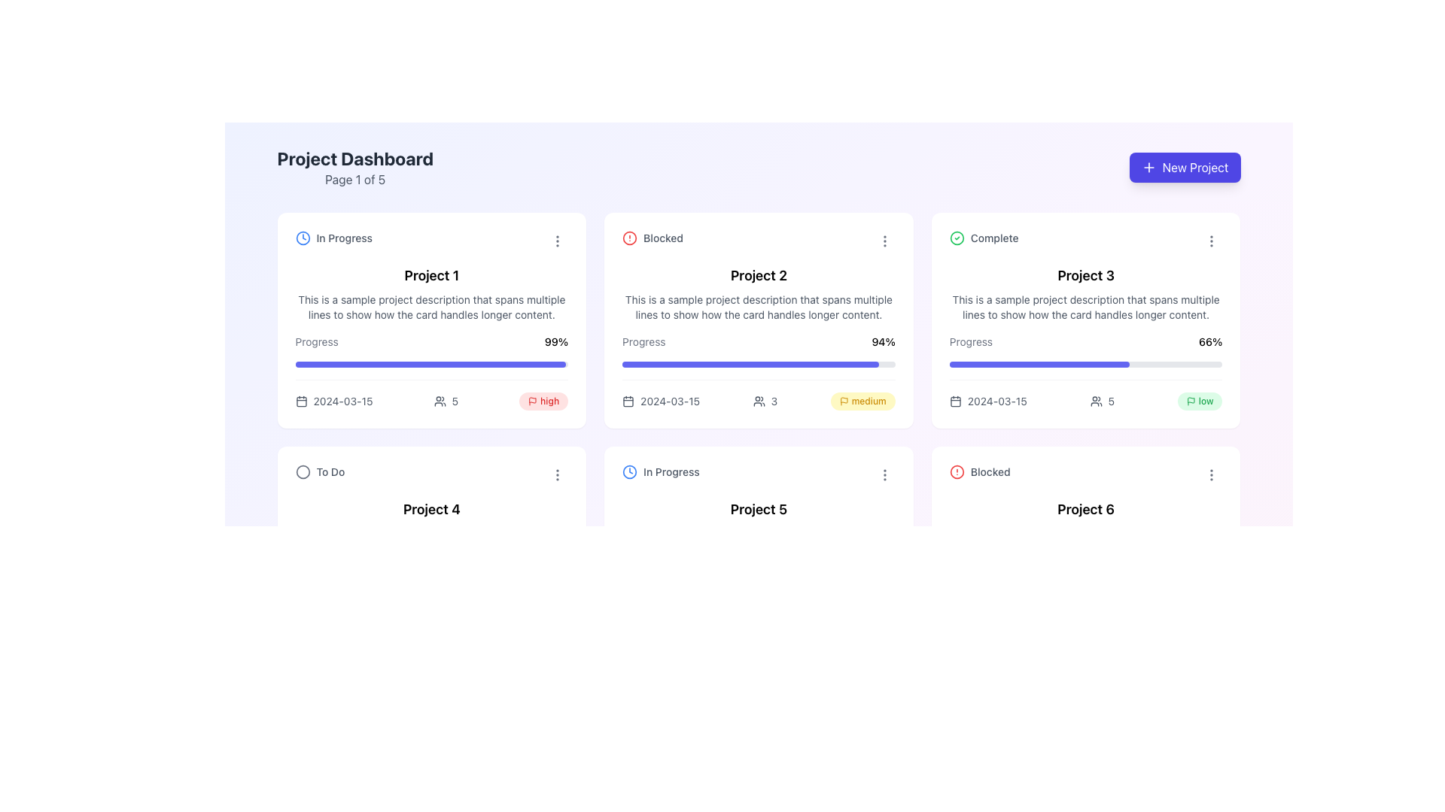 The image size is (1445, 812). What do you see at coordinates (844, 400) in the screenshot?
I see `the status indicator by clicking on the flag icon, which is an outlined icon with rounded stroke joins, located to the left of a medium label within the Project 2 card` at bounding box center [844, 400].